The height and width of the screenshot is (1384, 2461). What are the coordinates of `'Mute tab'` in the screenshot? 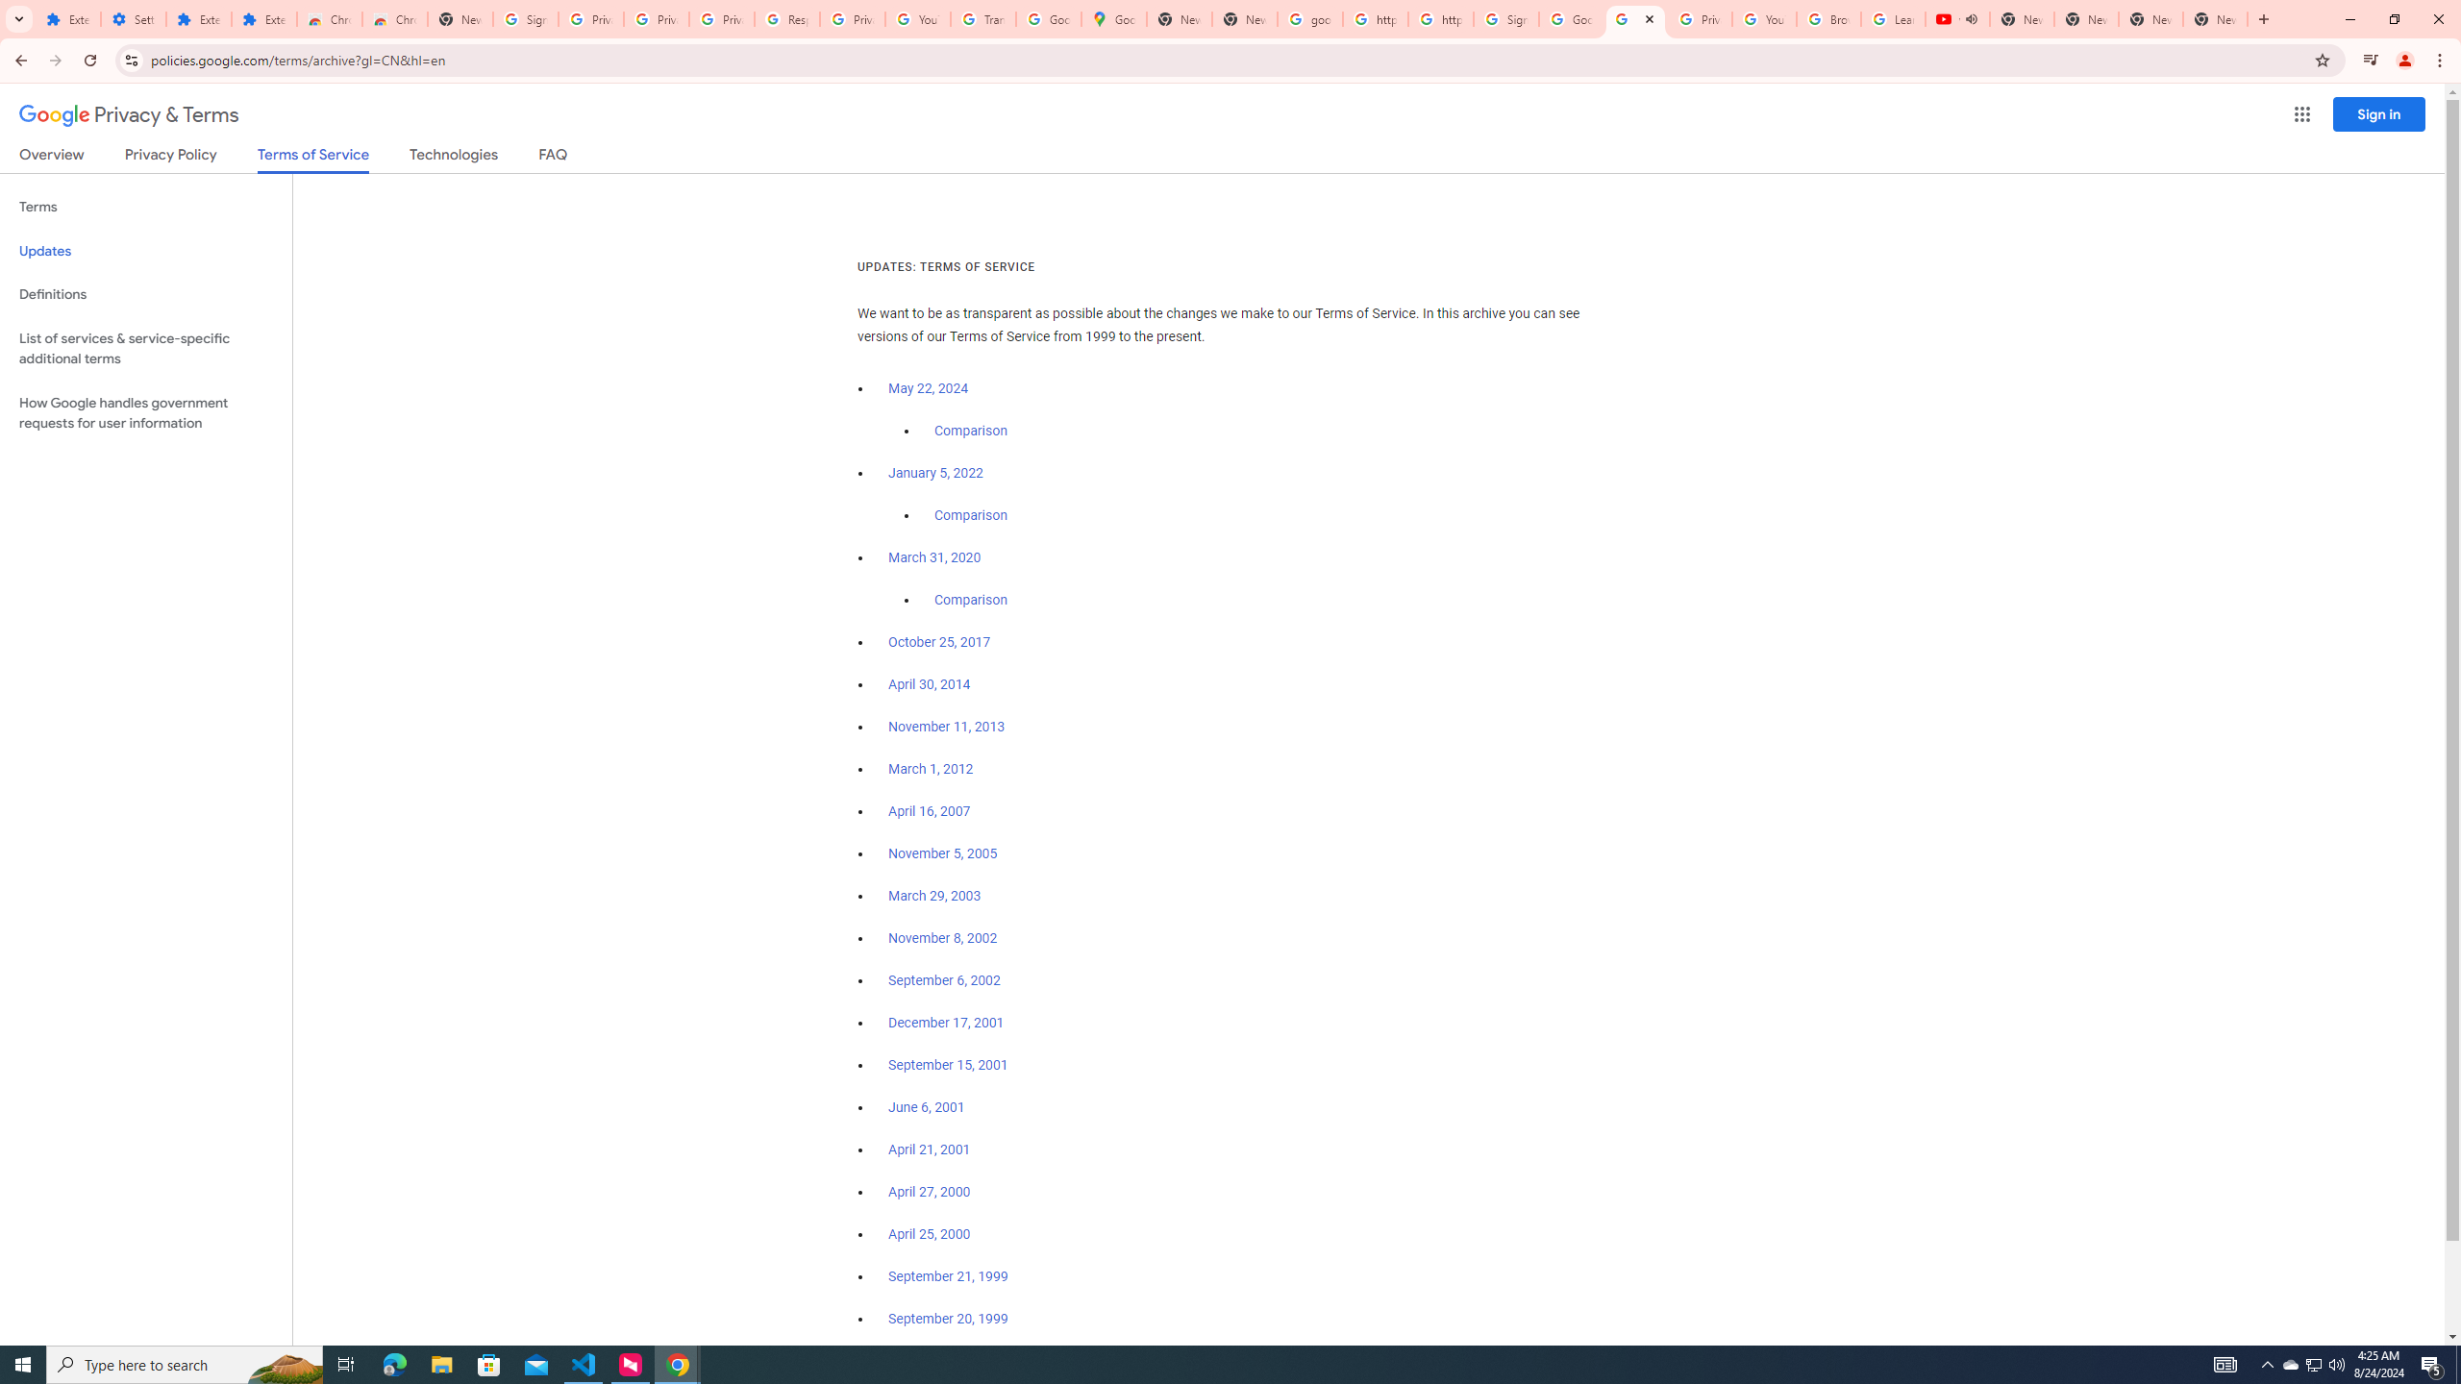 It's located at (1971, 18).